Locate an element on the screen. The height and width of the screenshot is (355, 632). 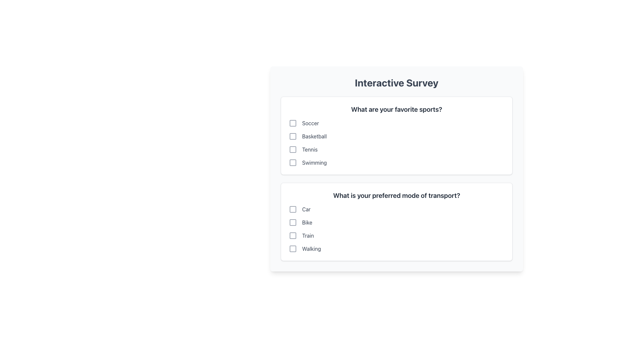
the checkbox for selecting 'Train' in the list of preferred modes of transport is located at coordinates (292, 235).